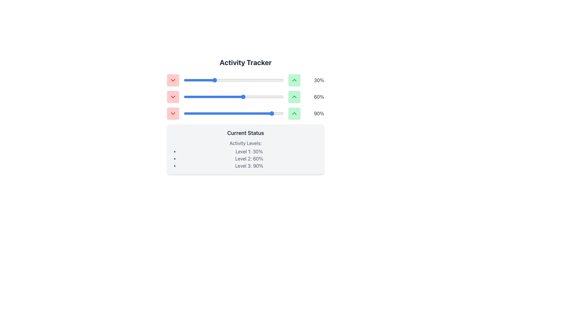 This screenshot has width=571, height=321. Describe the element at coordinates (268, 80) in the screenshot. I see `slider` at that location.